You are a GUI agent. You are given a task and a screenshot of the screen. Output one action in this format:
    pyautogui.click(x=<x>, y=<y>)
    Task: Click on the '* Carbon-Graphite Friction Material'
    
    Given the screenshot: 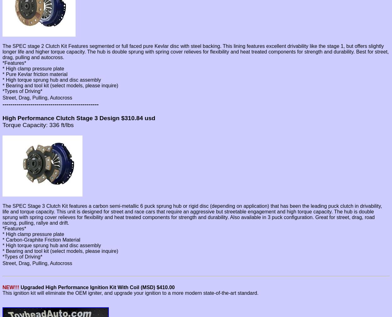 What is the action you would take?
    pyautogui.click(x=41, y=240)
    